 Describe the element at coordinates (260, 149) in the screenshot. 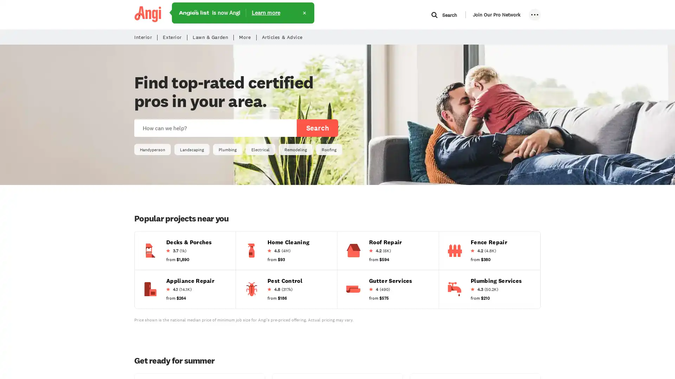

I see `Submit a request for Electrical.` at that location.